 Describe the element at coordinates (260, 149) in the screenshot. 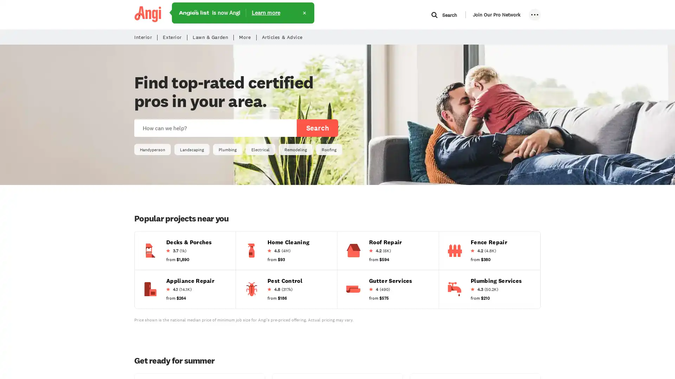

I see `Submit a request for Electrical.` at that location.